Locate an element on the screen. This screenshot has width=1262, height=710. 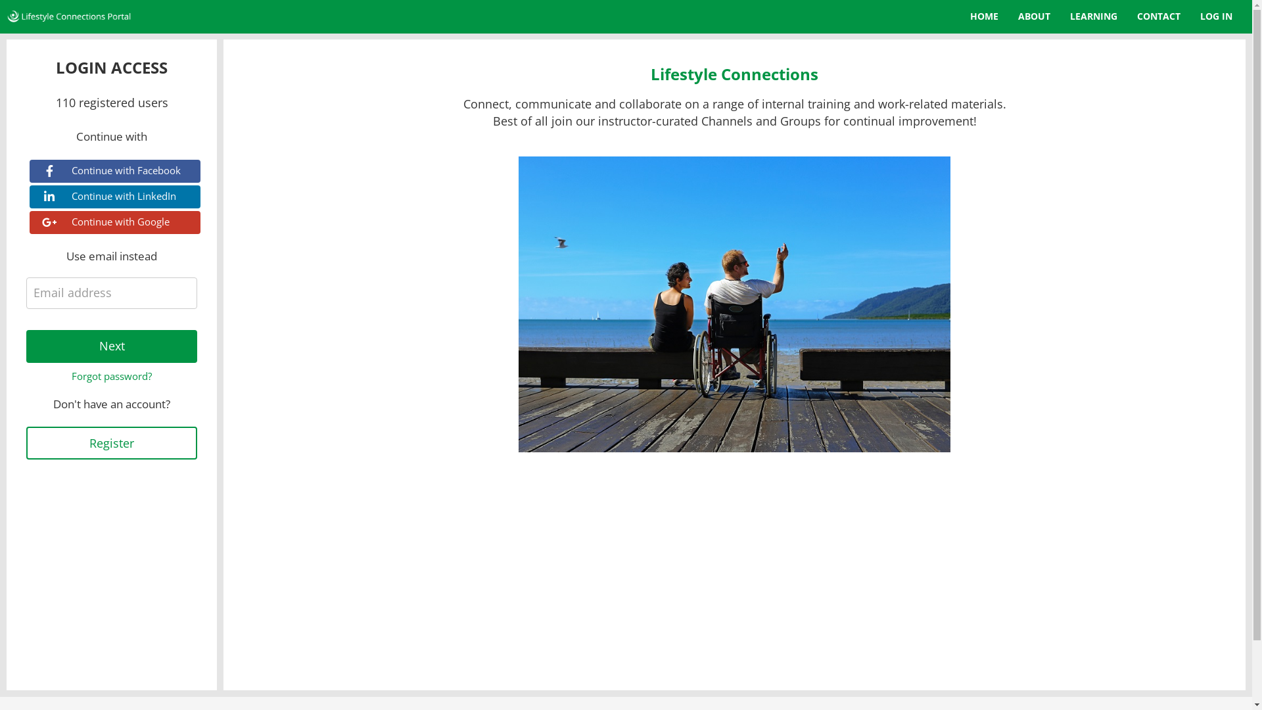
'Next' is located at coordinates (26, 346).